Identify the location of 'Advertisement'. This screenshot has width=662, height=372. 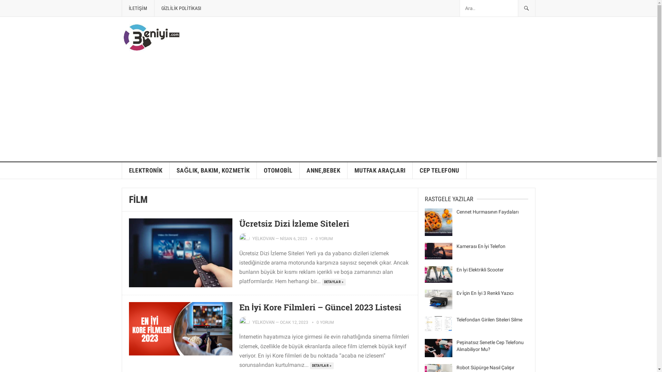
(328, 110).